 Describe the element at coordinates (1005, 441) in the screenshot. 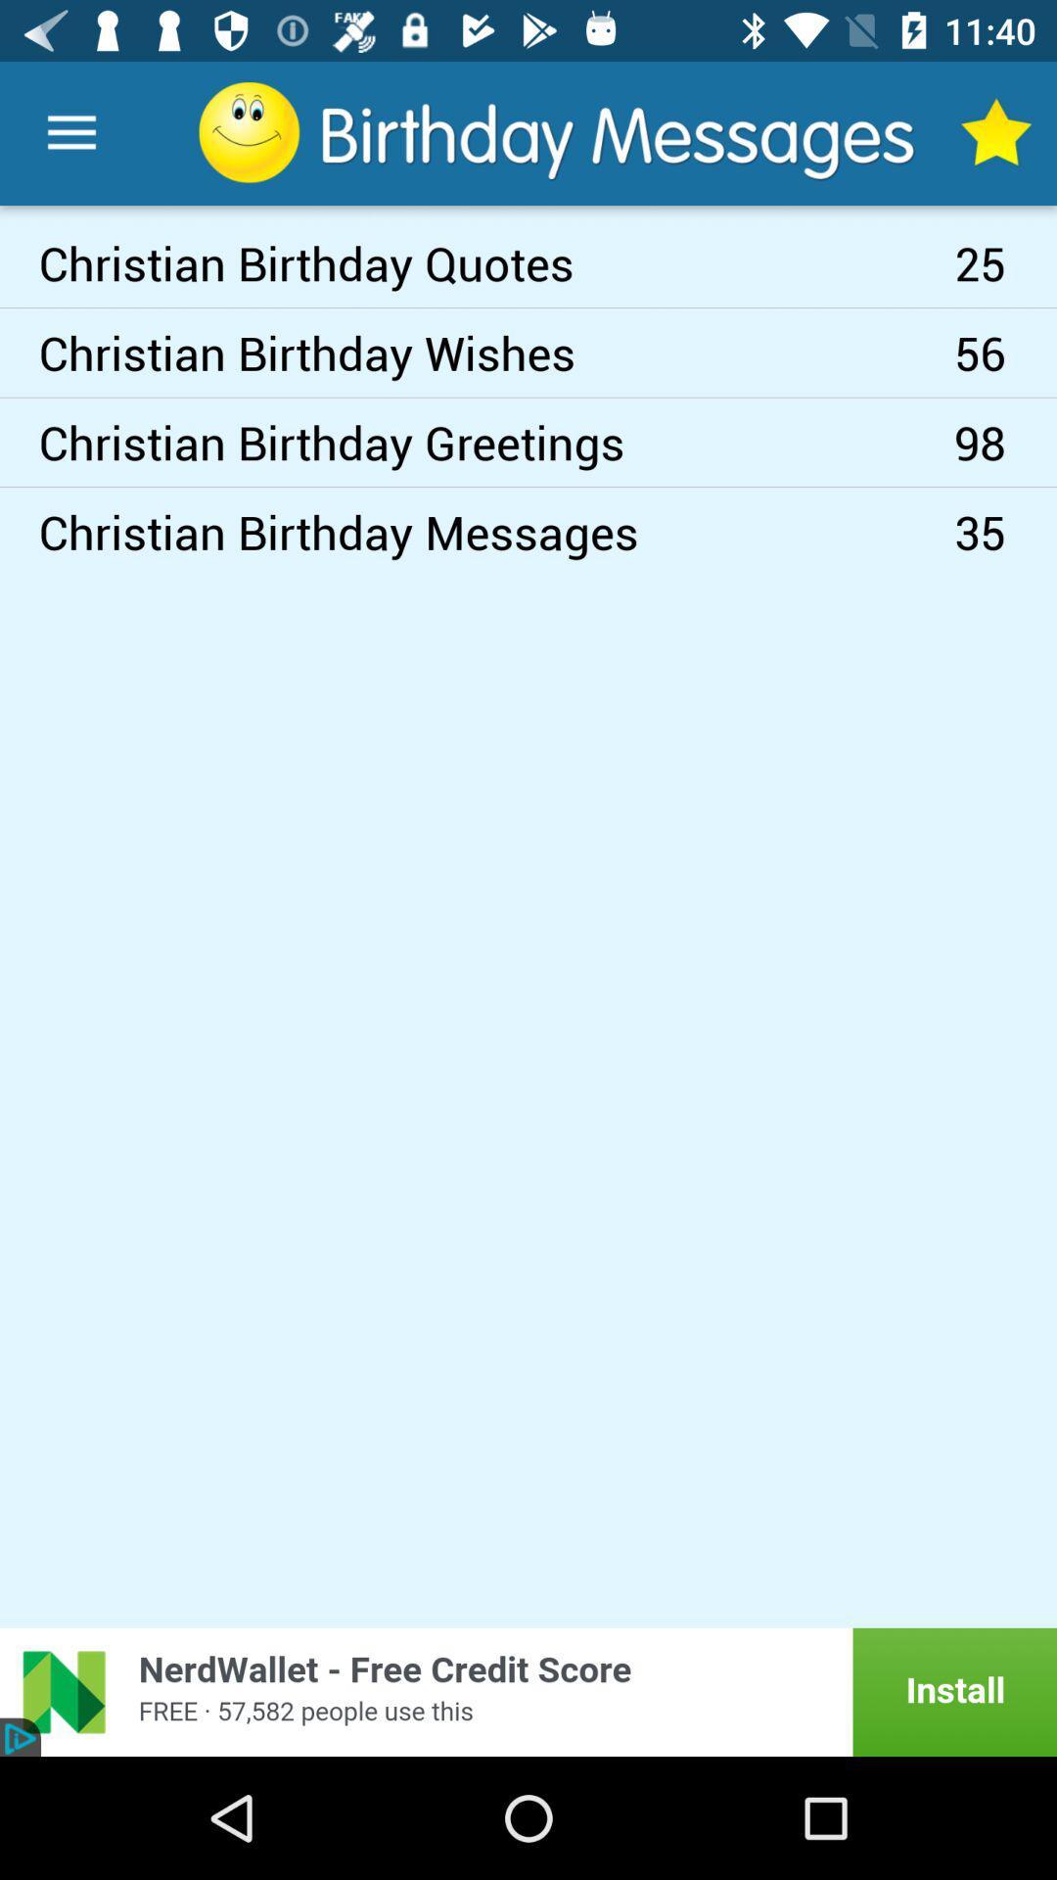

I see `the icon next to the christian birthday messages item` at that location.